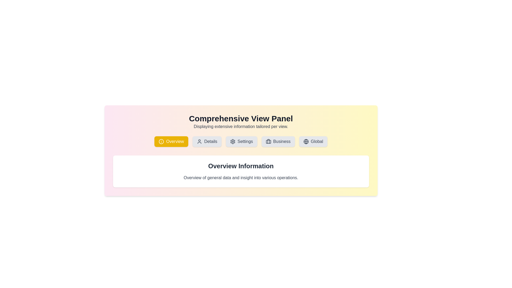 This screenshot has height=288, width=512. Describe the element at coordinates (210, 141) in the screenshot. I see `text label for the 'Details' button, which is located in the second button from the left in the horizontal button group at the top center of the interface` at that location.